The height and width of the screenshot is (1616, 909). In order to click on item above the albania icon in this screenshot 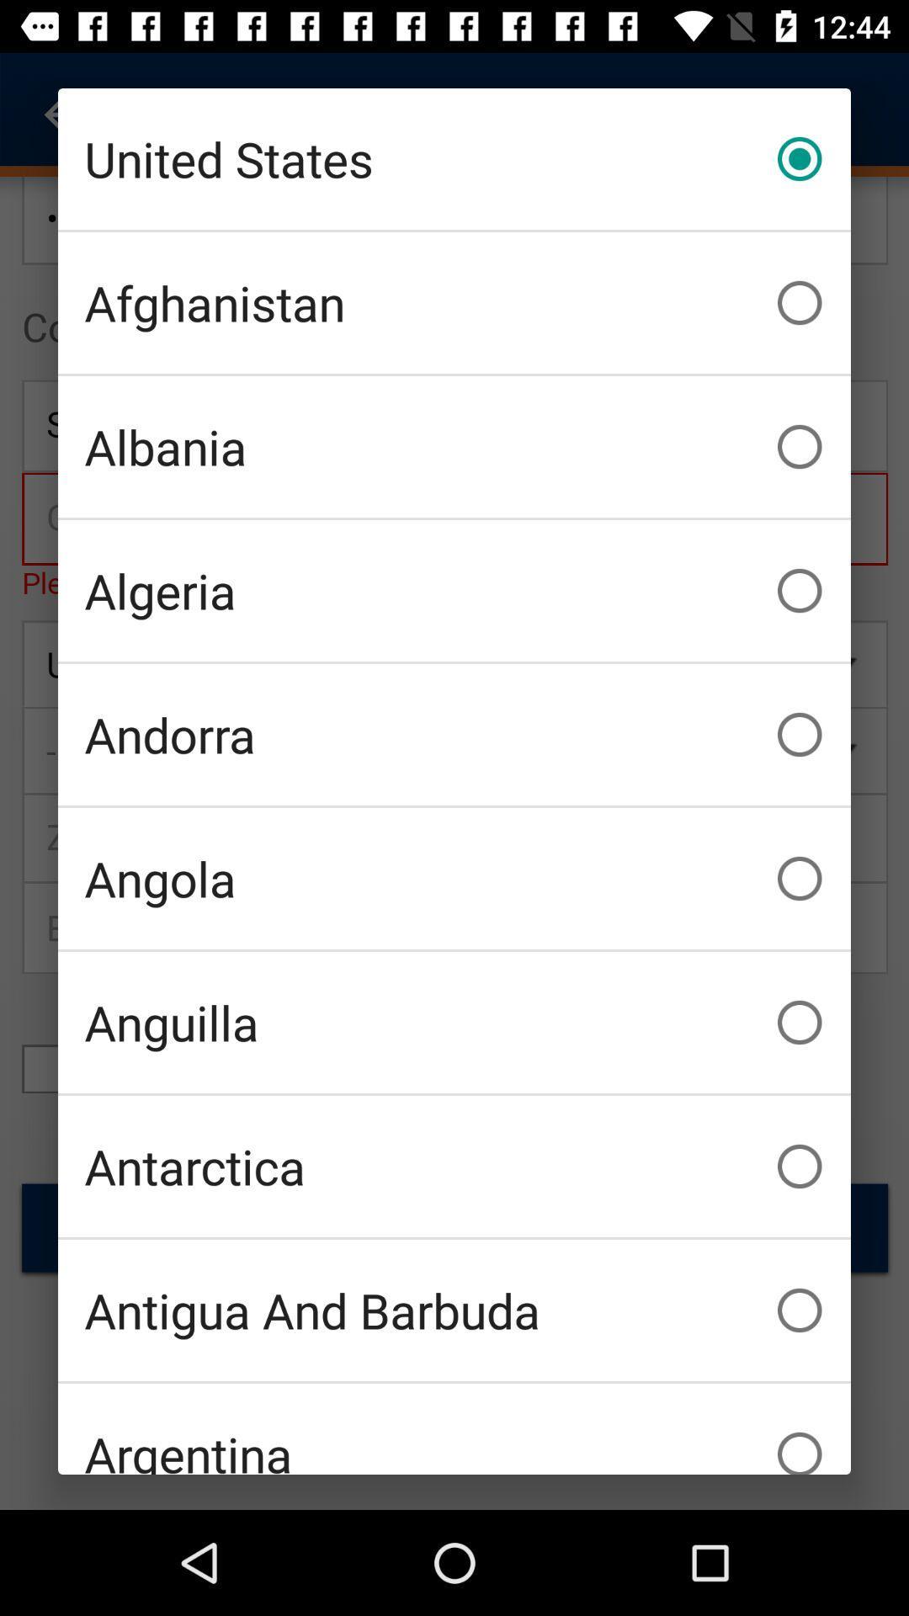, I will do `click(454, 303)`.